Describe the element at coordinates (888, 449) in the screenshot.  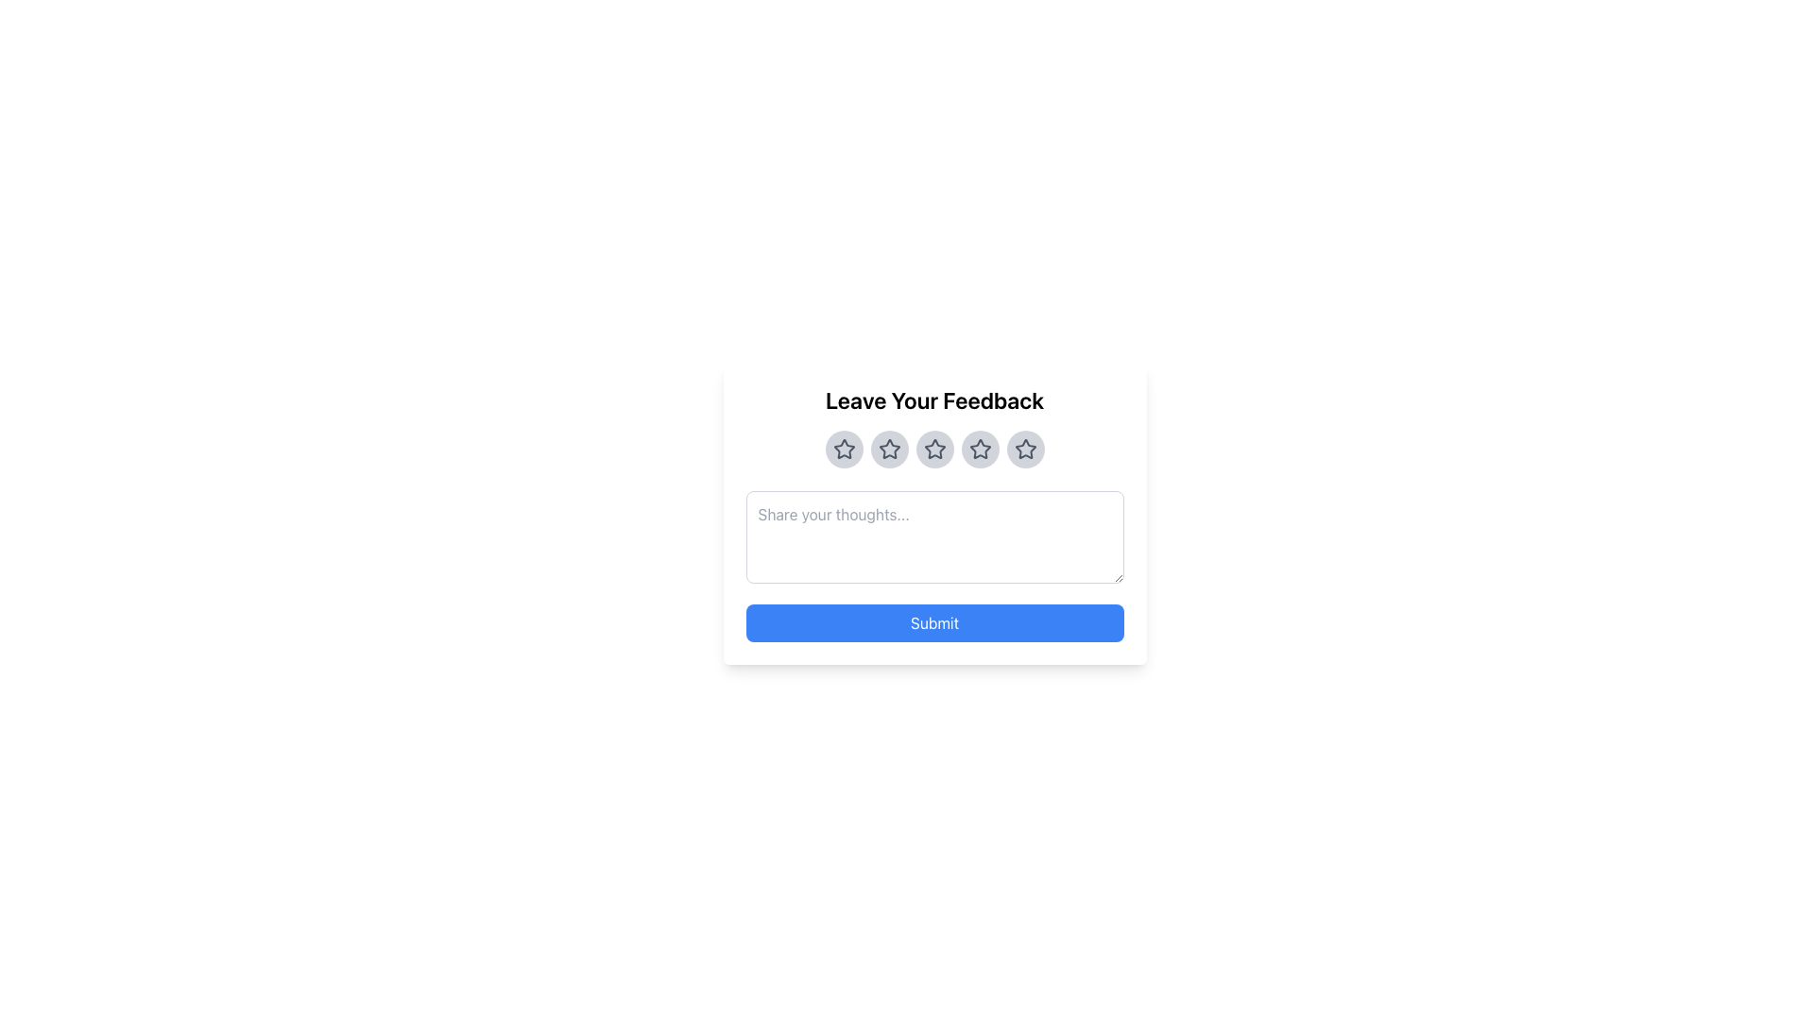
I see `the second star icon in the rating system for user feedback, which is part of a row of five icons directly below the 'Leave Your Feedback' title` at that location.